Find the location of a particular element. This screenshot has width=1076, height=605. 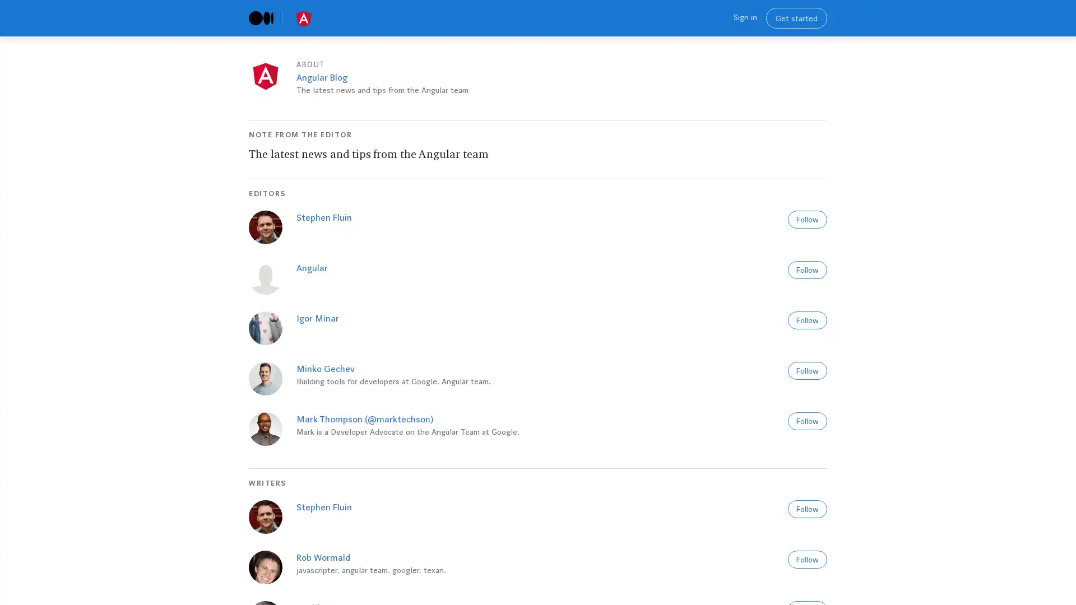

Follow to get new stories and recommendations from this author is located at coordinates (807, 559).